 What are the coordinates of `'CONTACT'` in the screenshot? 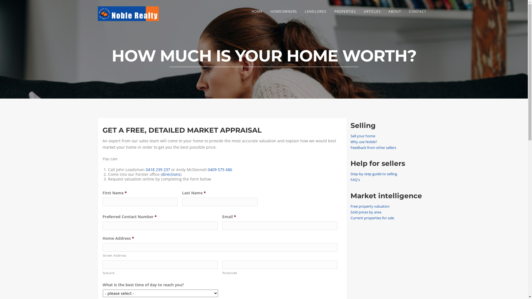 It's located at (418, 12).